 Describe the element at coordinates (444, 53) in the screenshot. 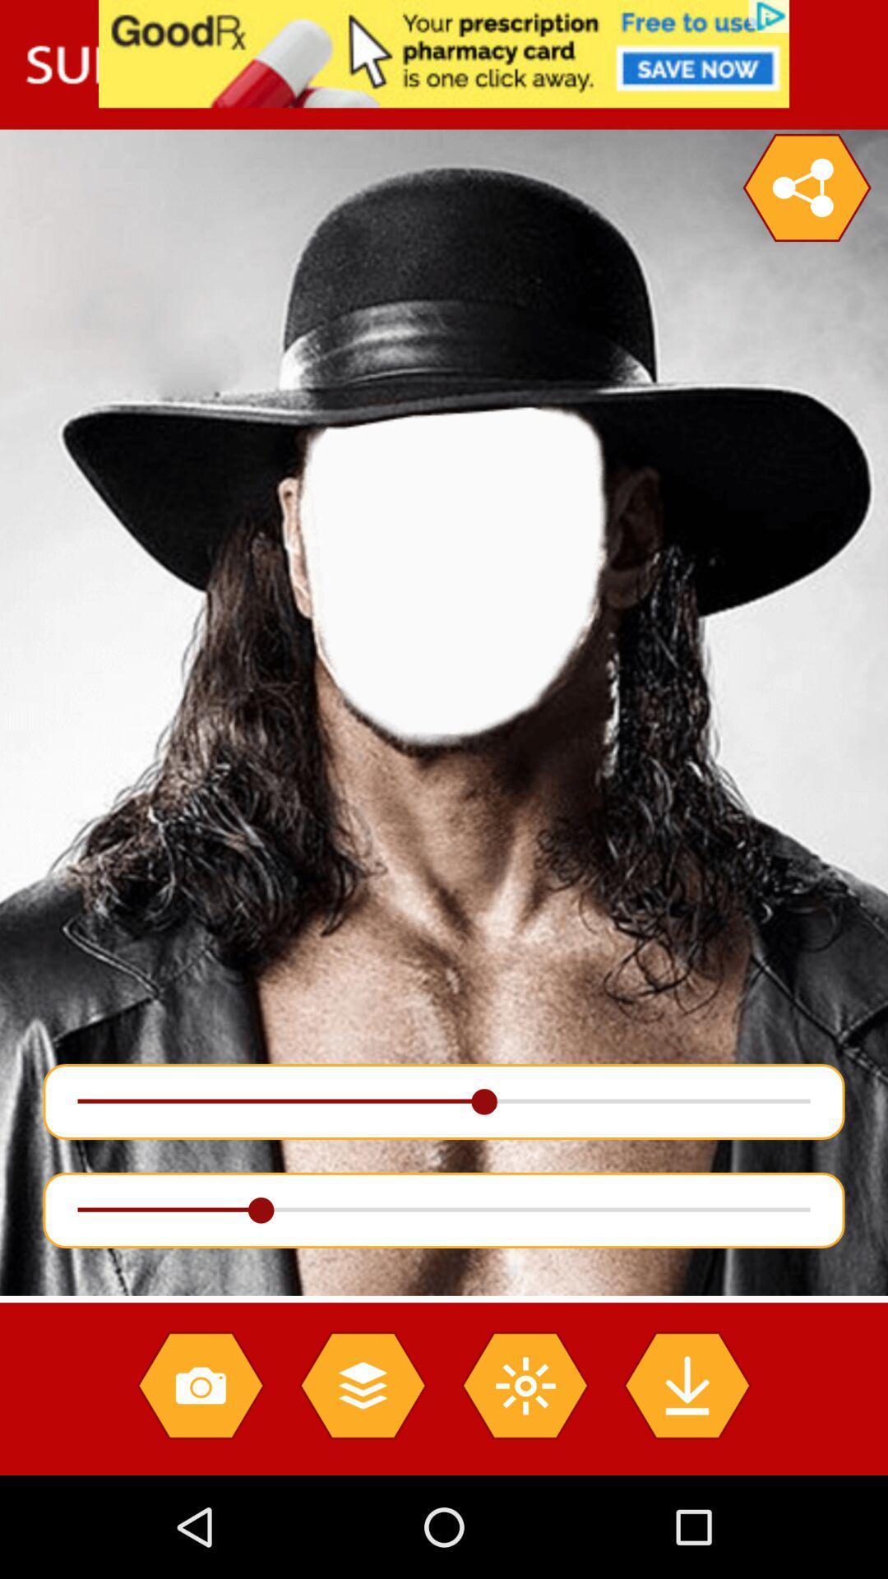

I see `see advertisement` at that location.